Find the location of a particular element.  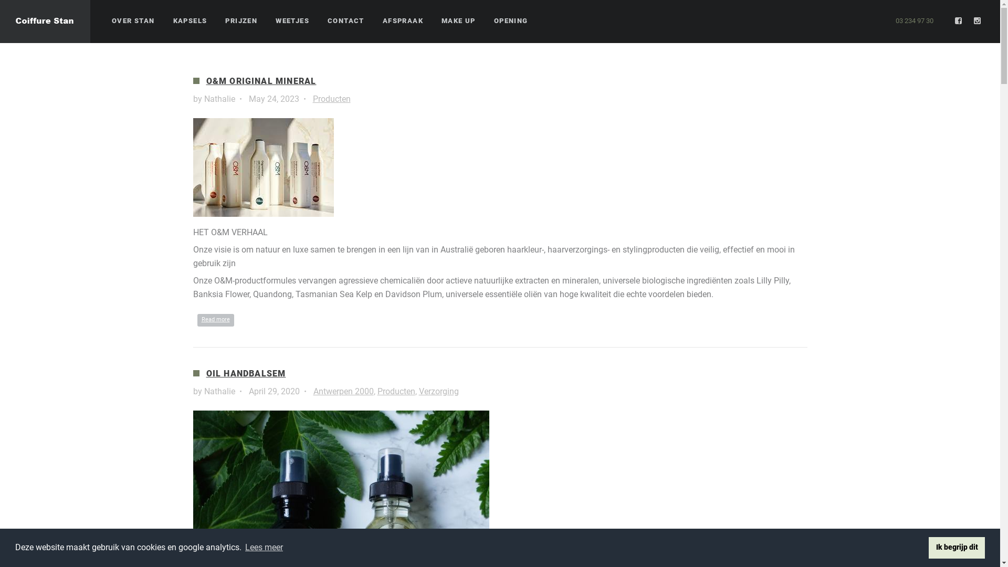

'OIL HANDBALSEM' is located at coordinates (245, 373).